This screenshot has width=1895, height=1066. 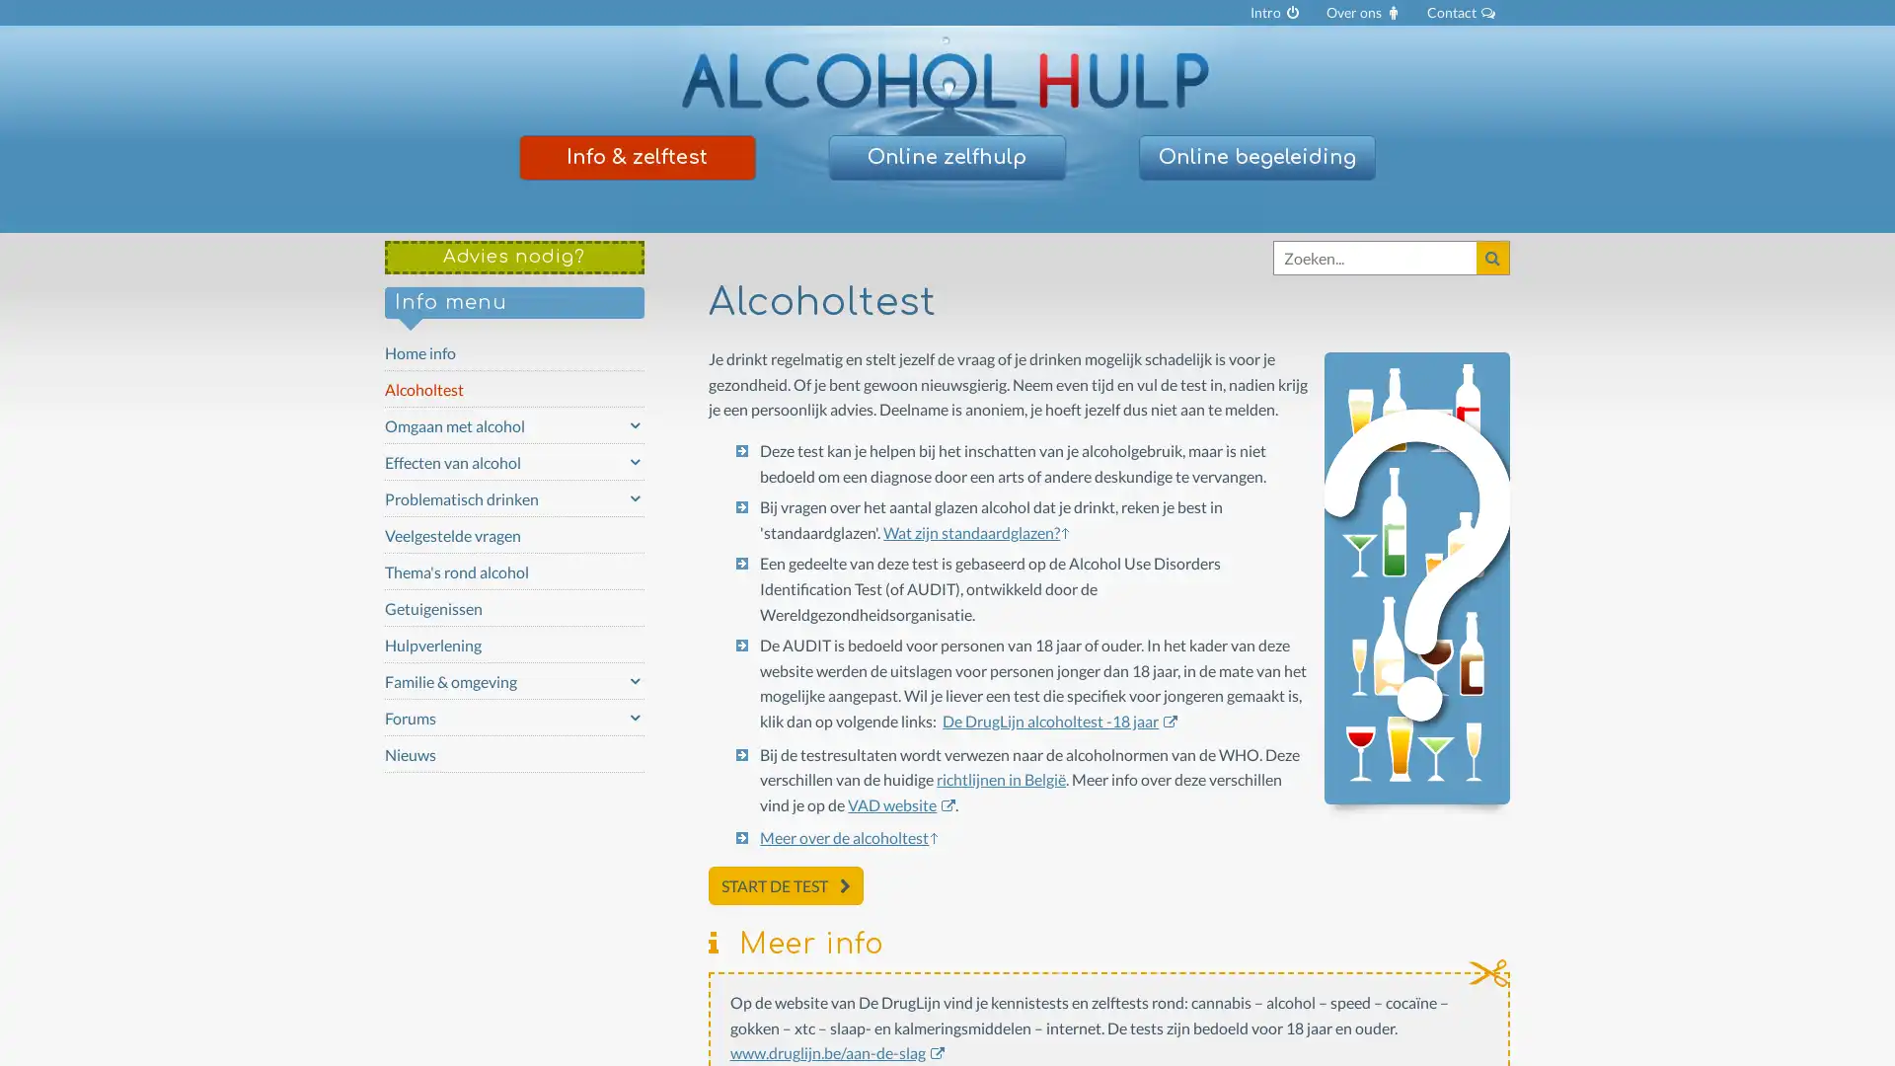 What do you see at coordinates (636, 156) in the screenshot?
I see `Info & zelftest` at bounding box center [636, 156].